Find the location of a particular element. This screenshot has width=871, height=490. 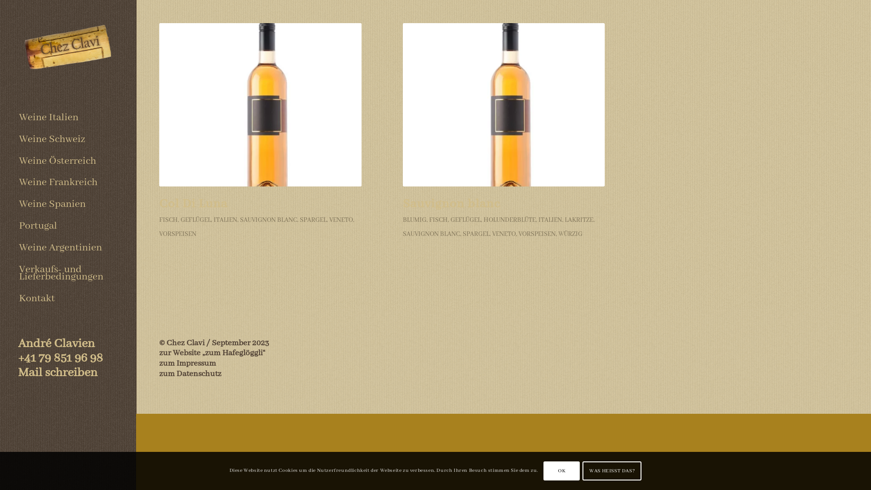

'chezclavi_logo' is located at coordinates (67, 49).